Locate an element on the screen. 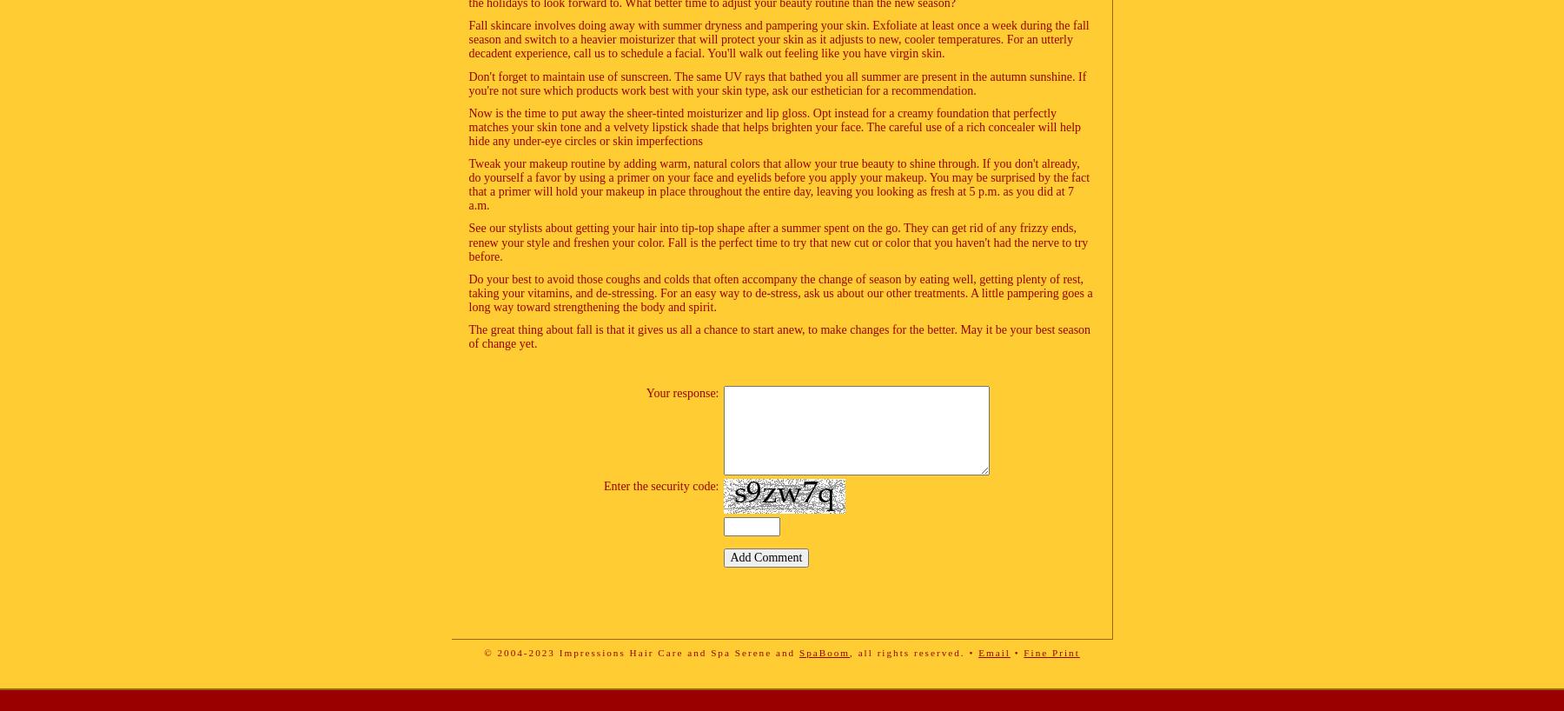 The height and width of the screenshot is (711, 1564). 'Don't forget to maintain use of sunscreen. The same UV rays that bathed you all summer are present in the autumn sunshine. If you're not sure which products work best with your skin type, ask our esthetician for a recommendation.' is located at coordinates (467, 83).